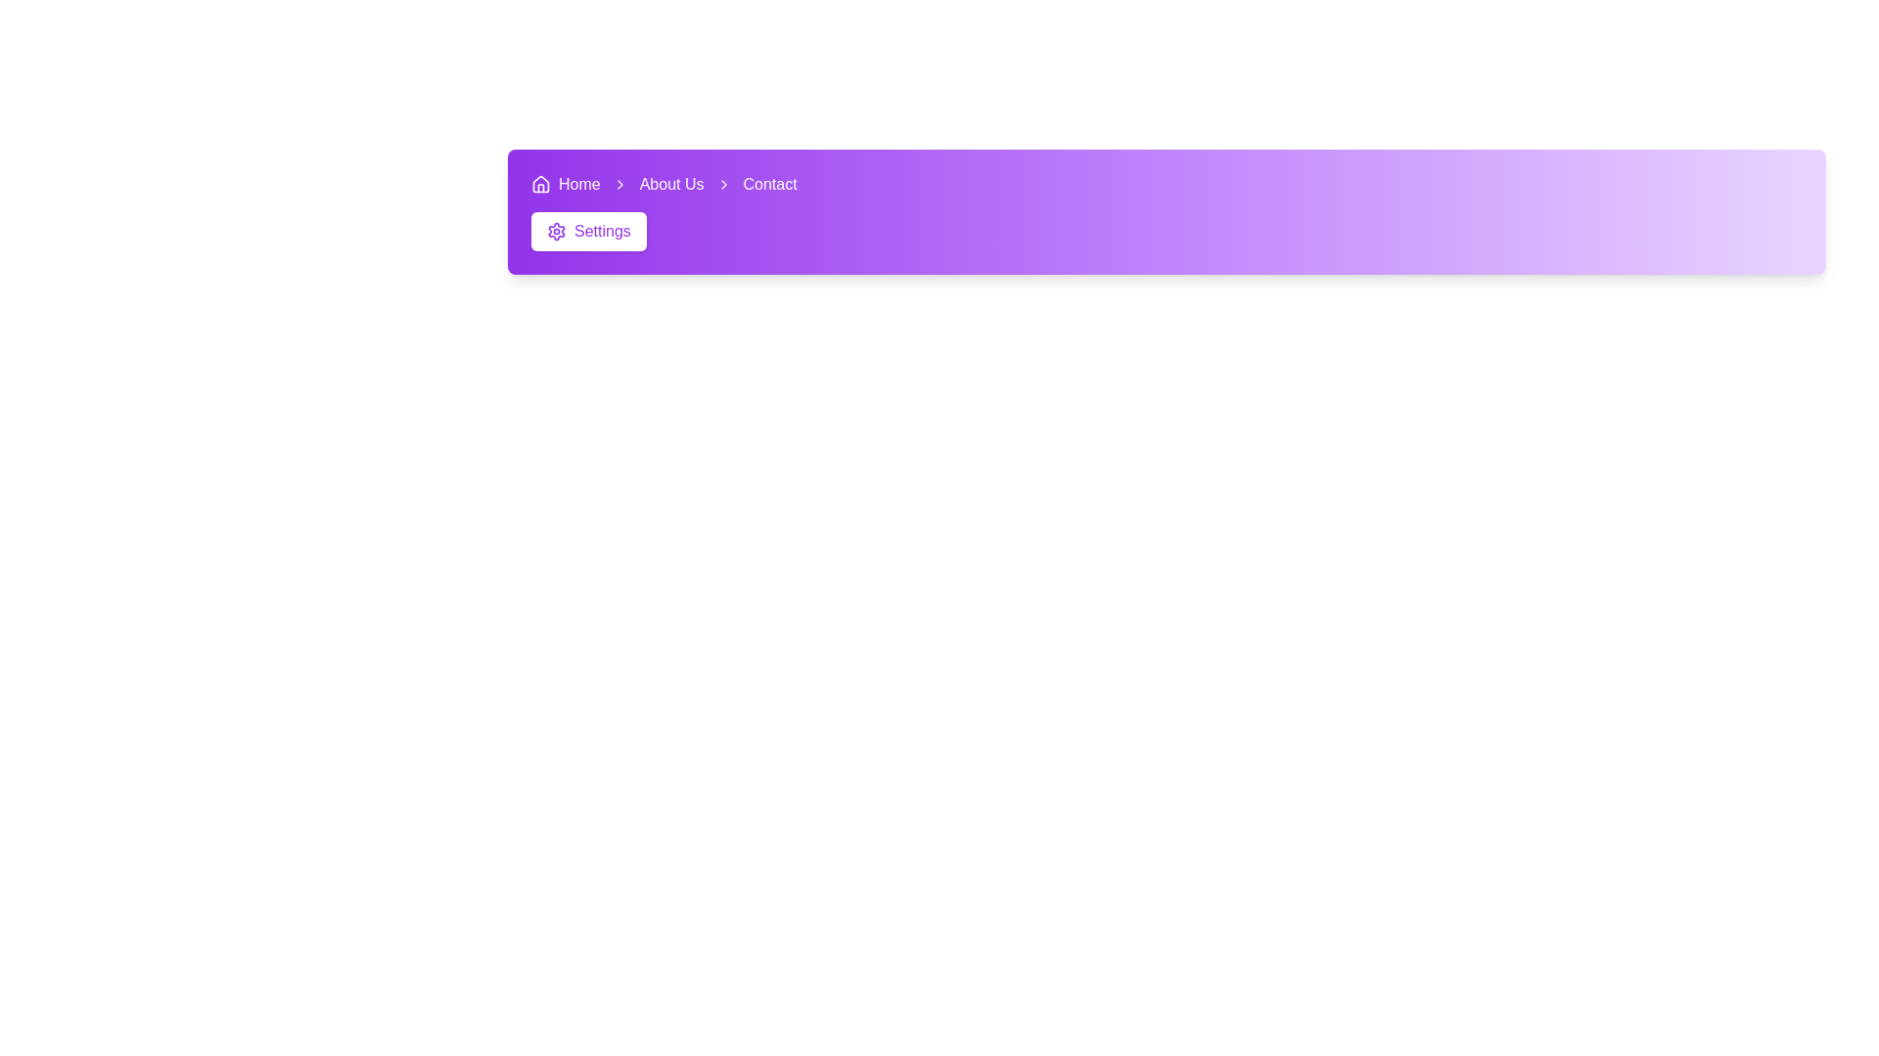 This screenshot has width=1879, height=1056. Describe the element at coordinates (540, 185) in the screenshot. I see `the 'Home' icon` at that location.